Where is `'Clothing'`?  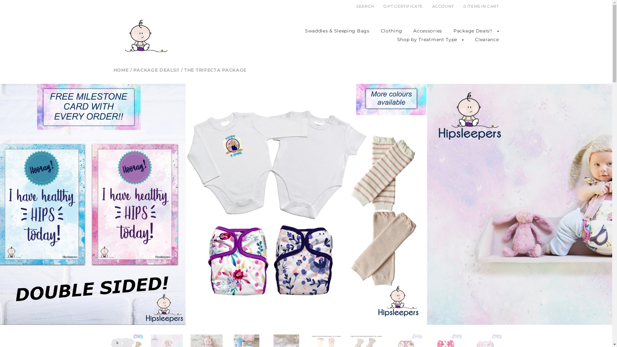 'Clothing' is located at coordinates (391, 31).